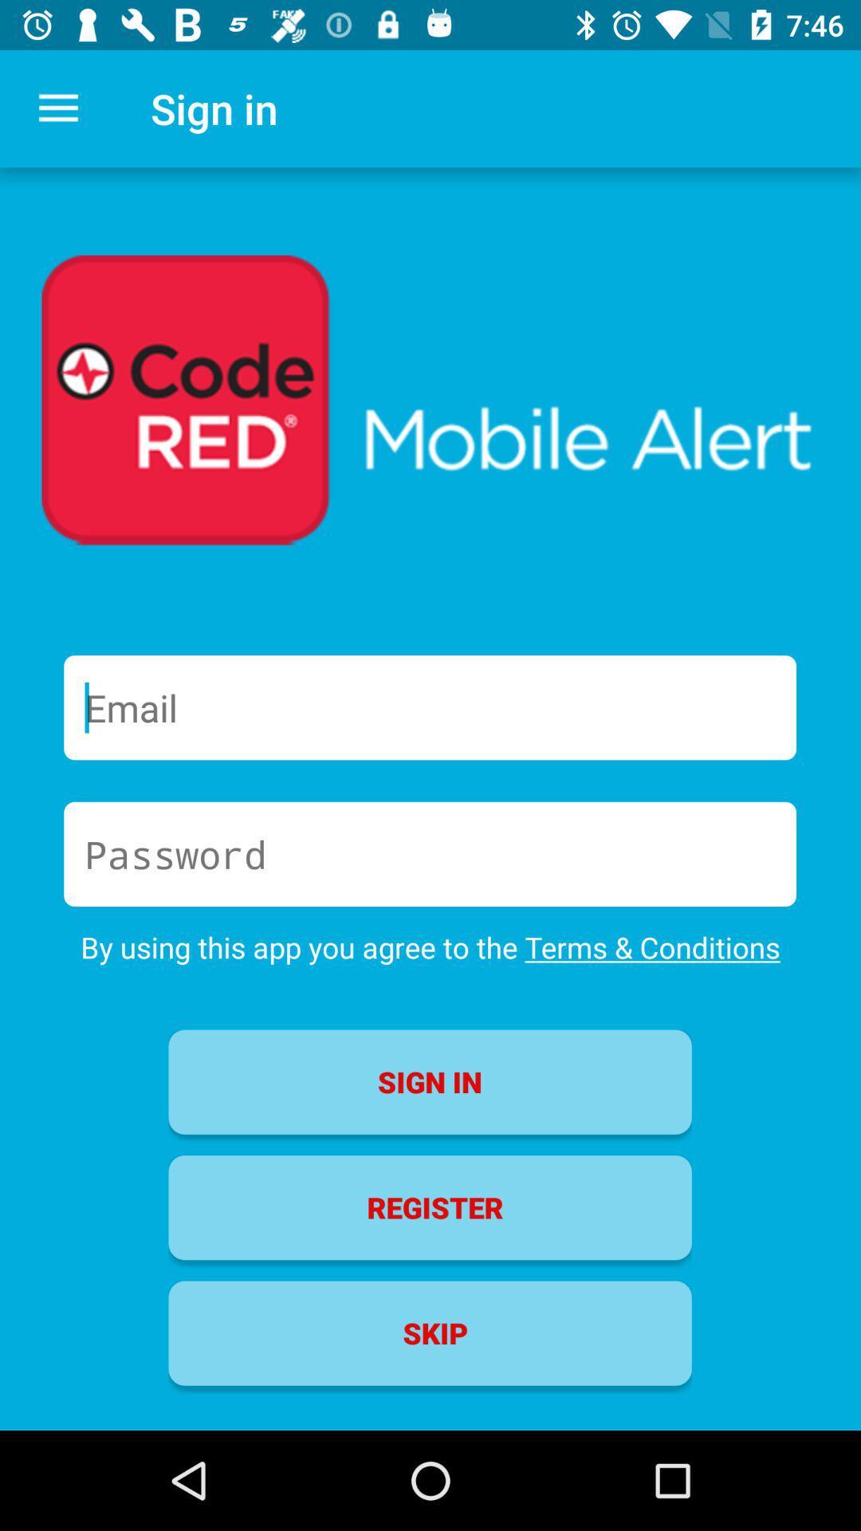 The height and width of the screenshot is (1531, 861). I want to click on type in the password, so click(429, 853).